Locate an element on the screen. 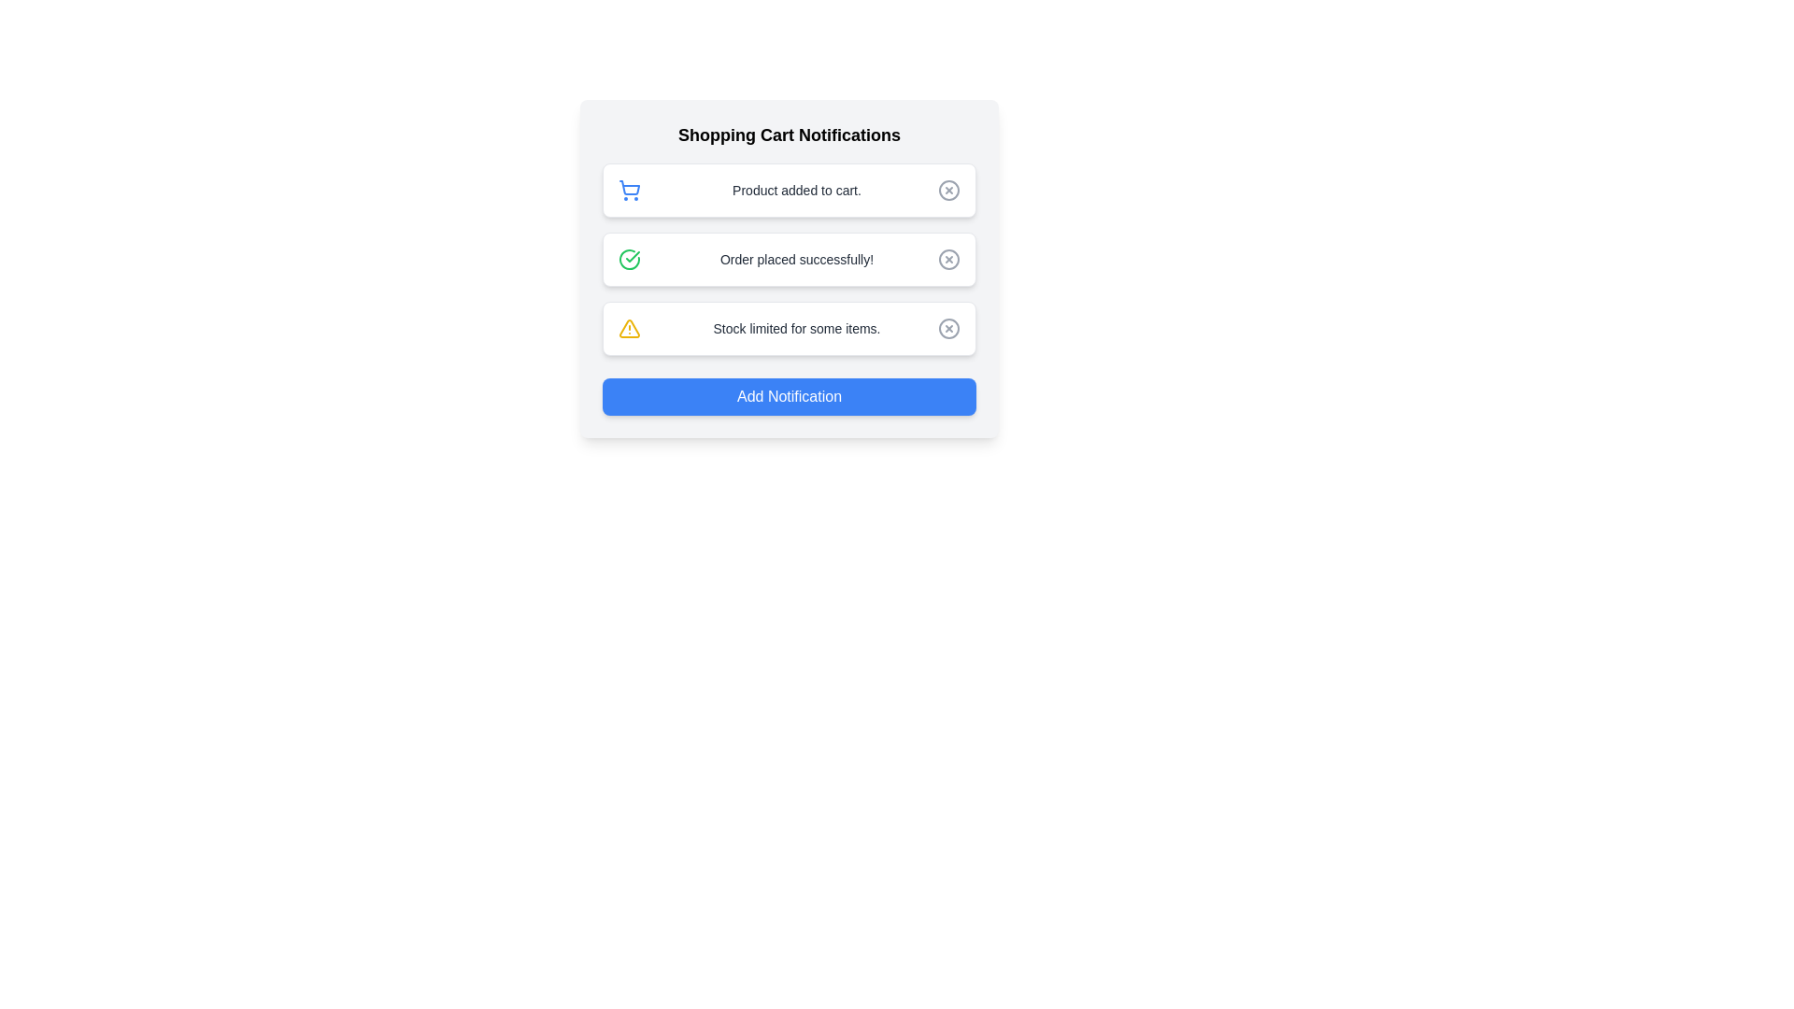  informational message text label indicating limited stock availability, located within the third notification card, to the right of the yellow warning icon is located at coordinates (797, 327).